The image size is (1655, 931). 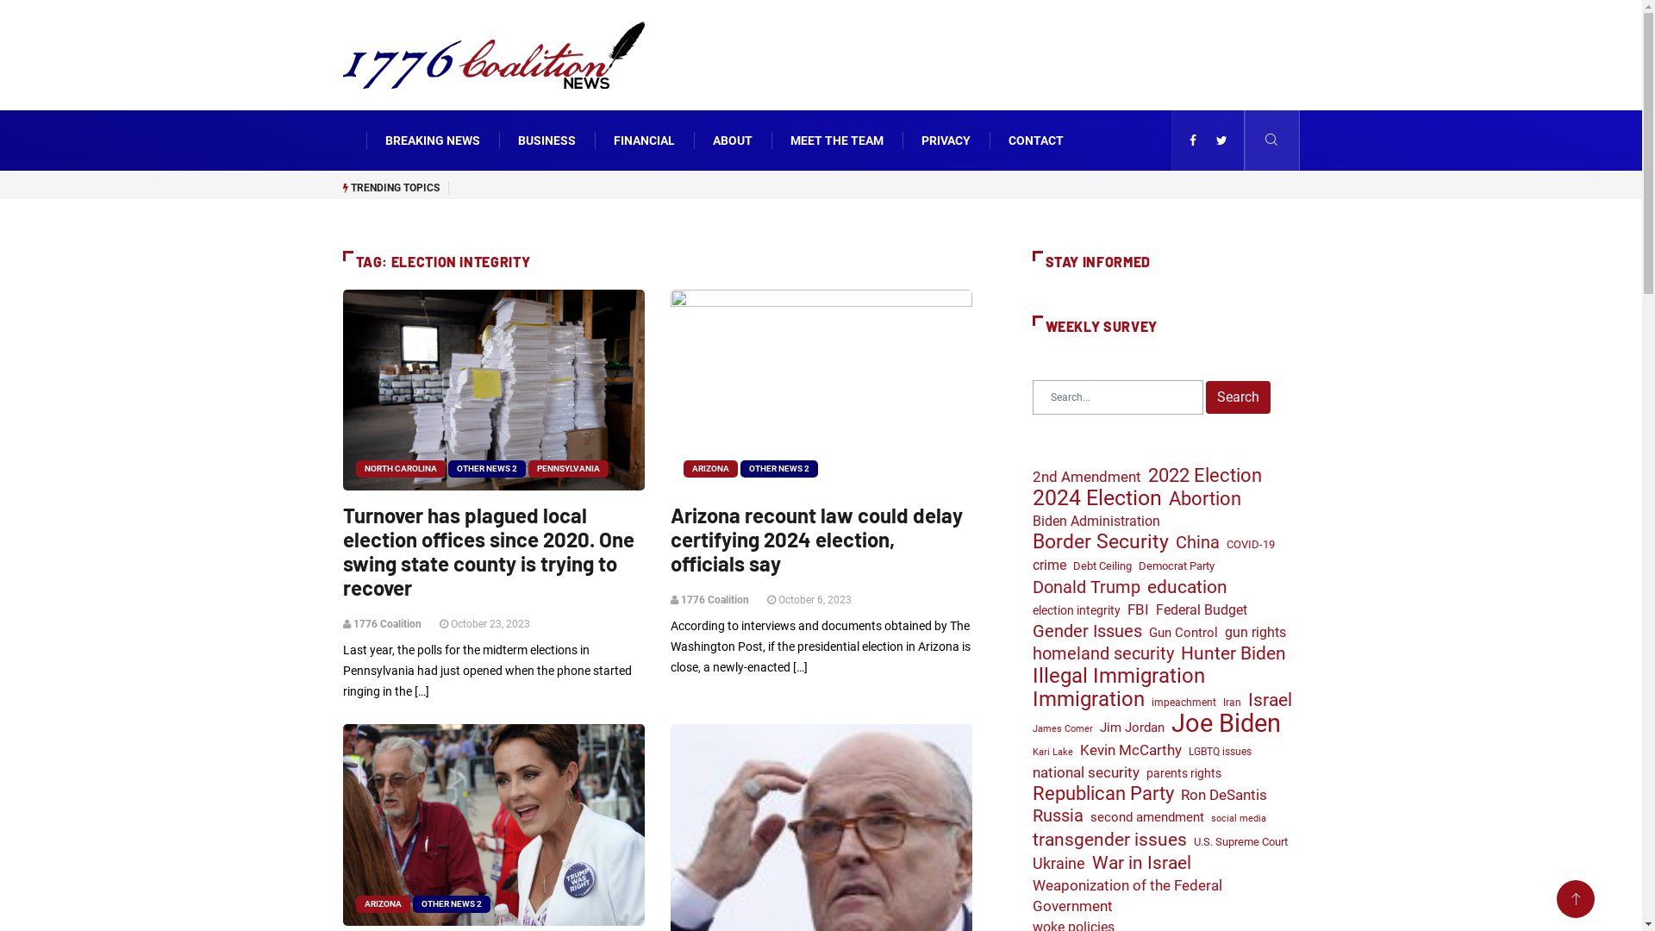 What do you see at coordinates (1085, 587) in the screenshot?
I see `'Donald Trump'` at bounding box center [1085, 587].